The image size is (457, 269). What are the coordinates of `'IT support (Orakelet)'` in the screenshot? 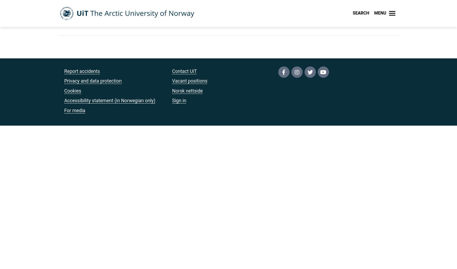 It's located at (229, 168).